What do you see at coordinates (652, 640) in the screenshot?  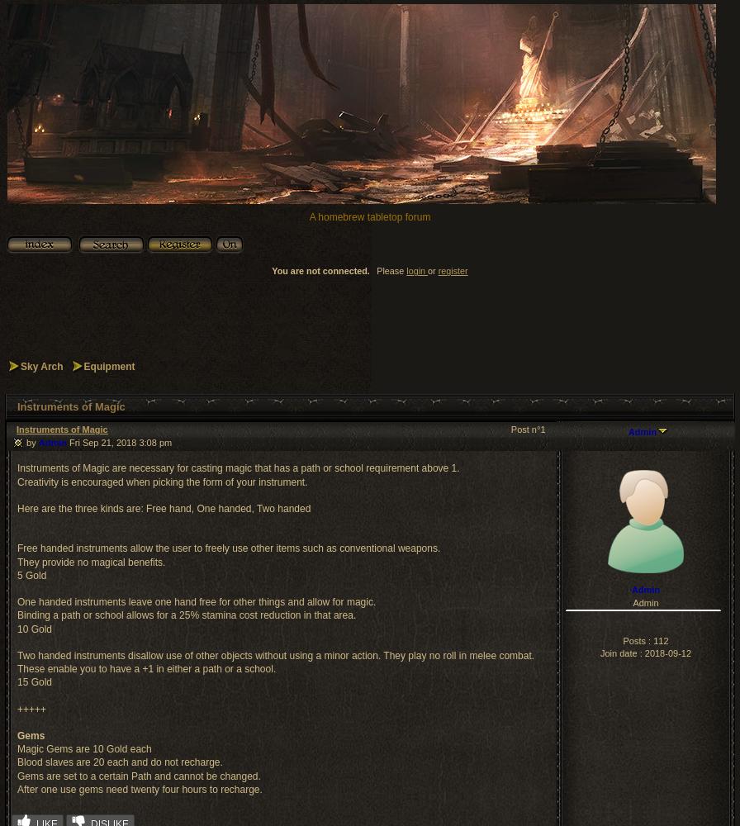 I see `'112'` at bounding box center [652, 640].